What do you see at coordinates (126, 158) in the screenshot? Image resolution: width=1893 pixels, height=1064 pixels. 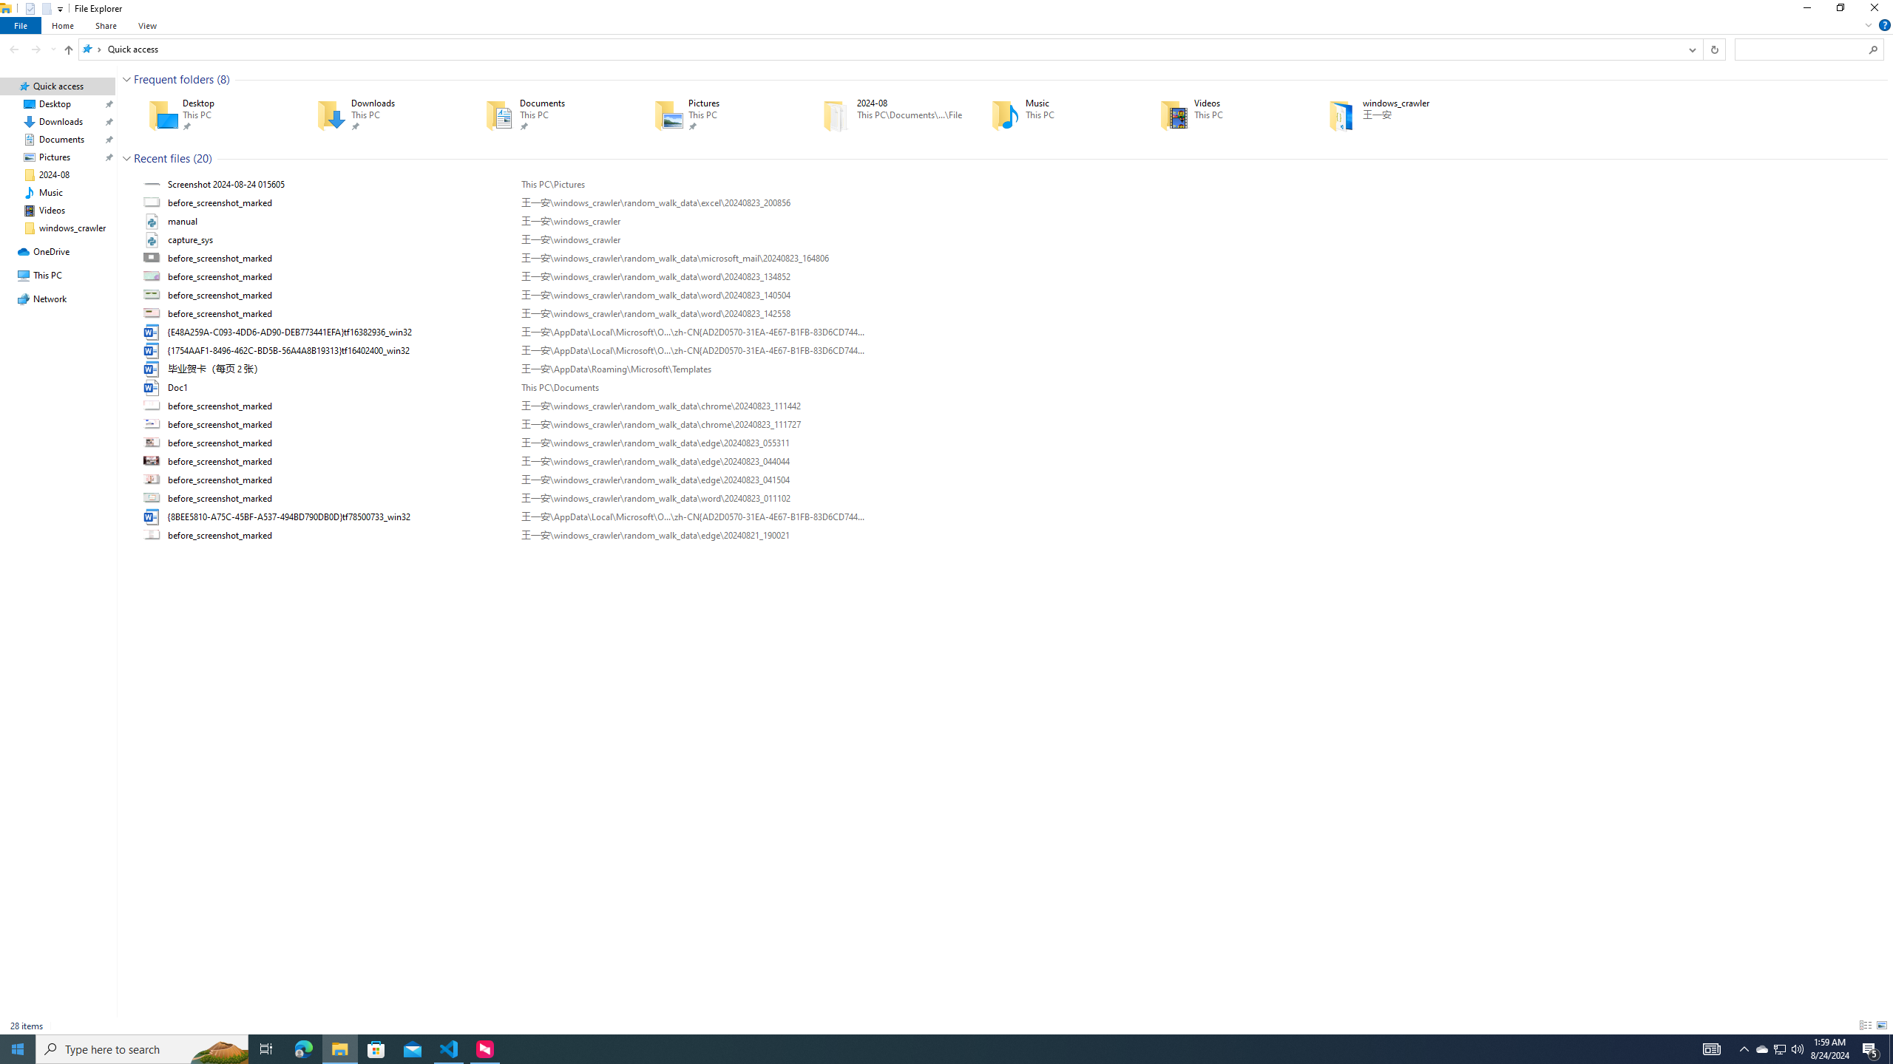 I see `'Collapse Group'` at bounding box center [126, 158].